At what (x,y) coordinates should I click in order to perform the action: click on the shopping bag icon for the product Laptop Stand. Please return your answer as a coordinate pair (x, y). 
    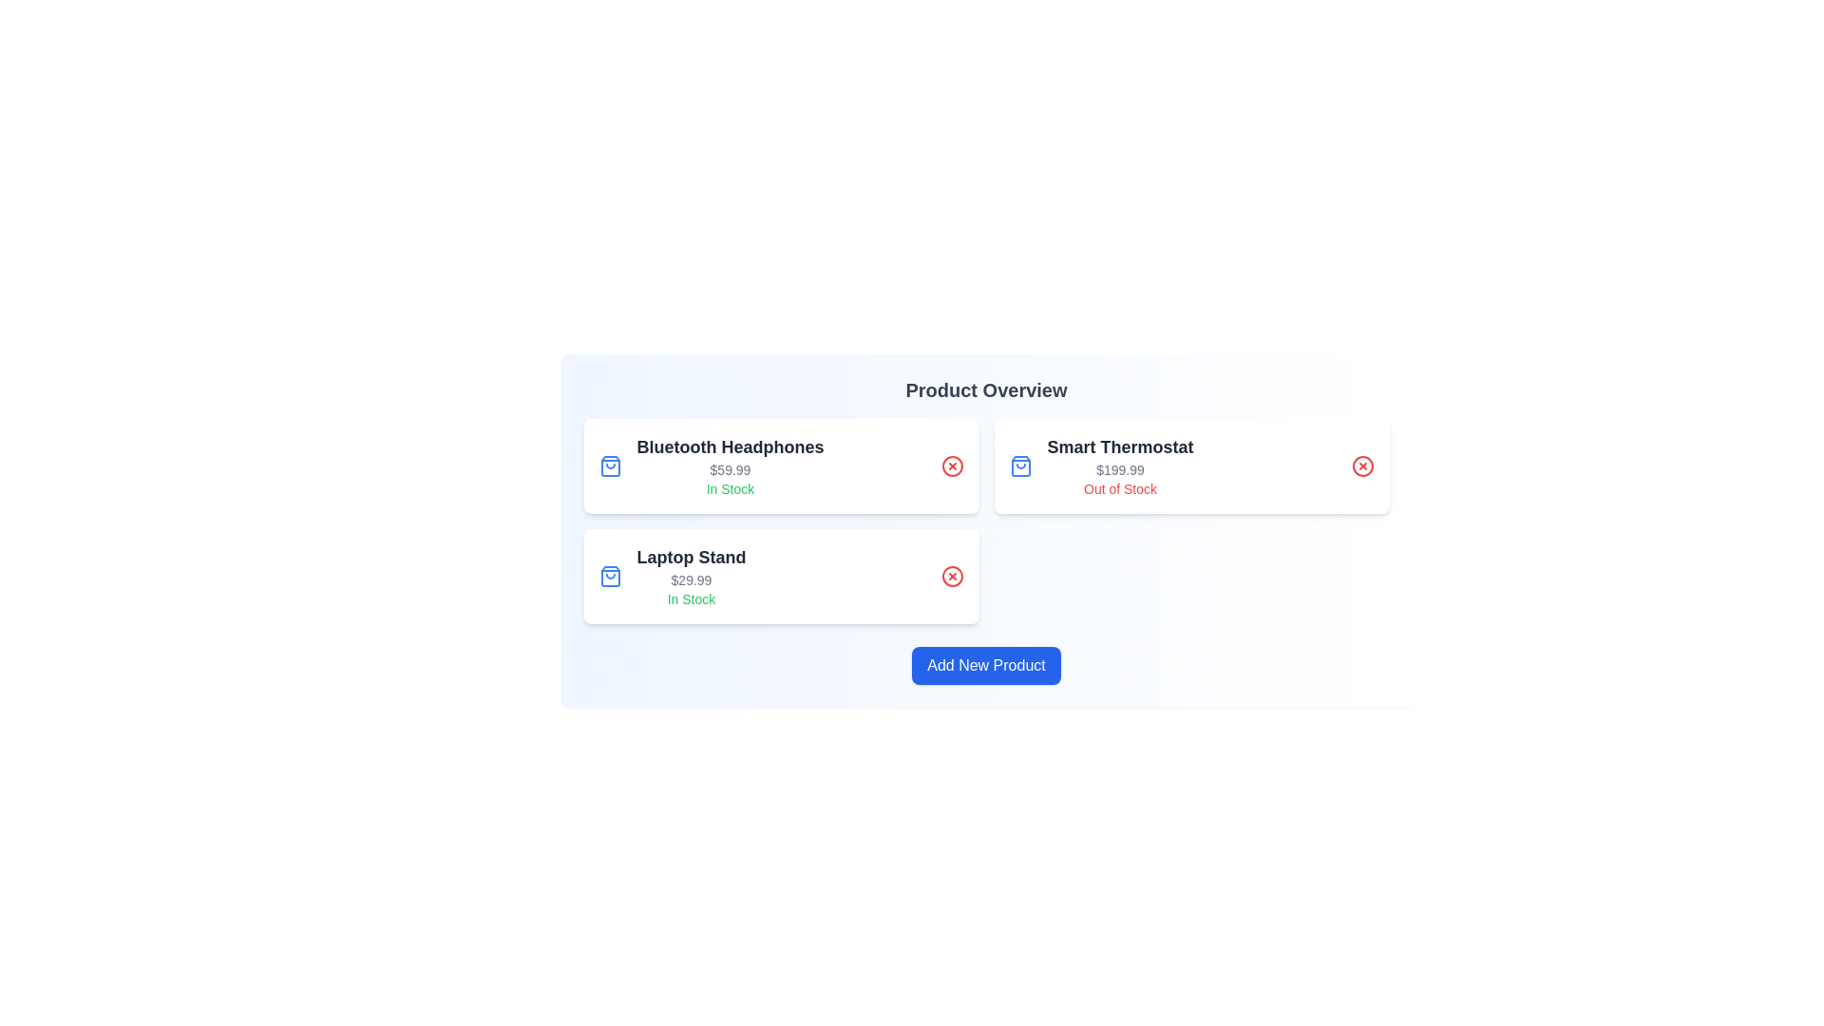
    Looking at the image, I should click on (610, 575).